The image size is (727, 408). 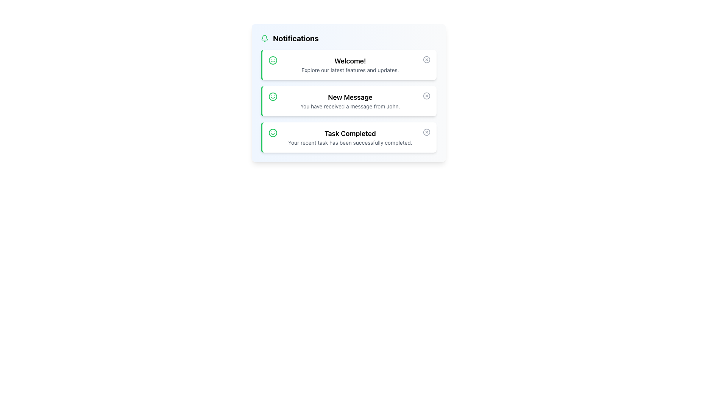 What do you see at coordinates (350, 61) in the screenshot?
I see `the Text Display element that serves as a header or greeting text for the notification card, positioned prominently in the center above the smaller text element` at bounding box center [350, 61].